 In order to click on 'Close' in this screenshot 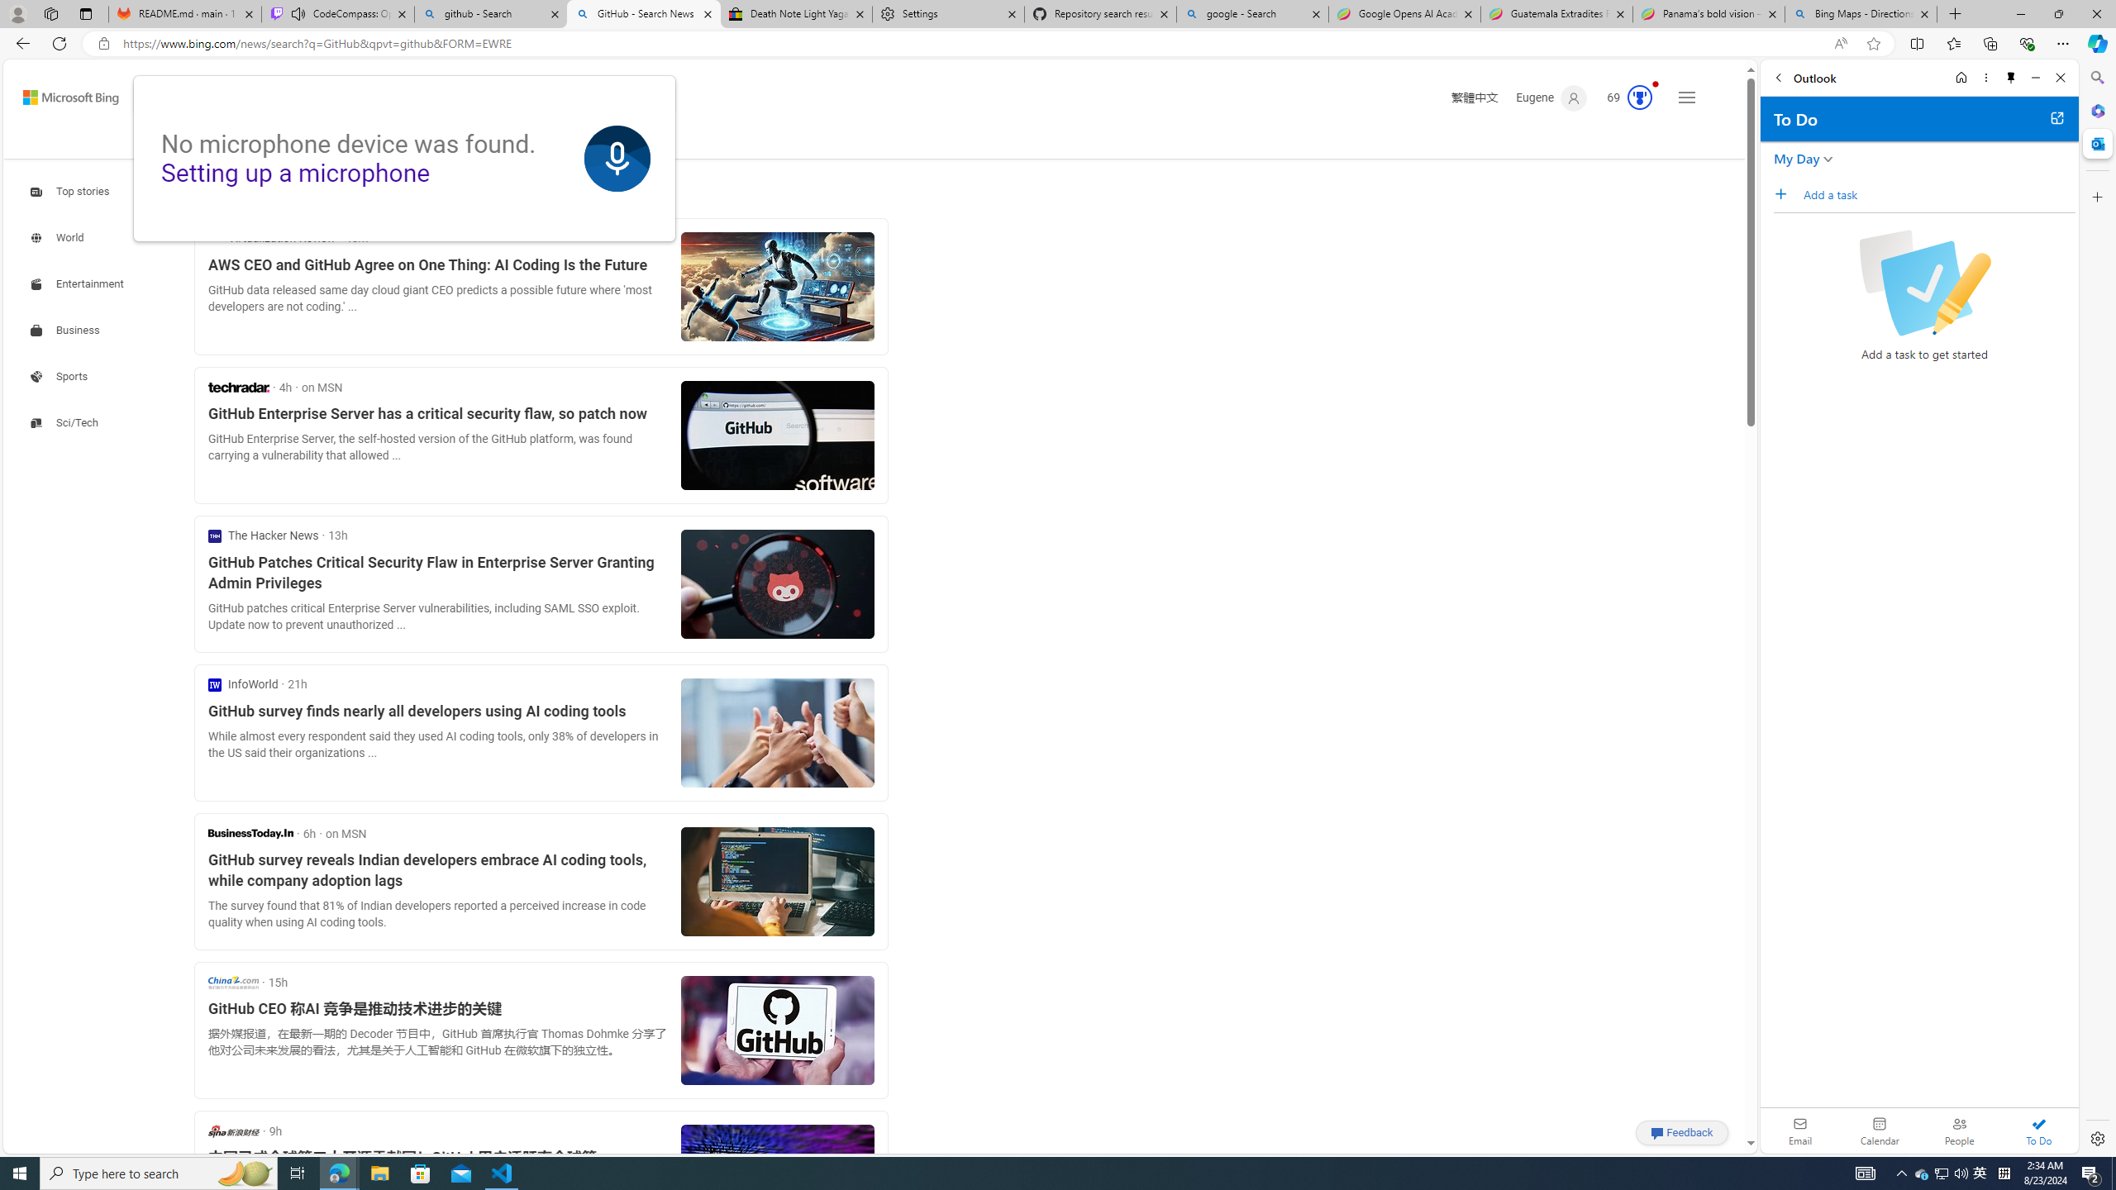, I will do `click(2059, 77)`.